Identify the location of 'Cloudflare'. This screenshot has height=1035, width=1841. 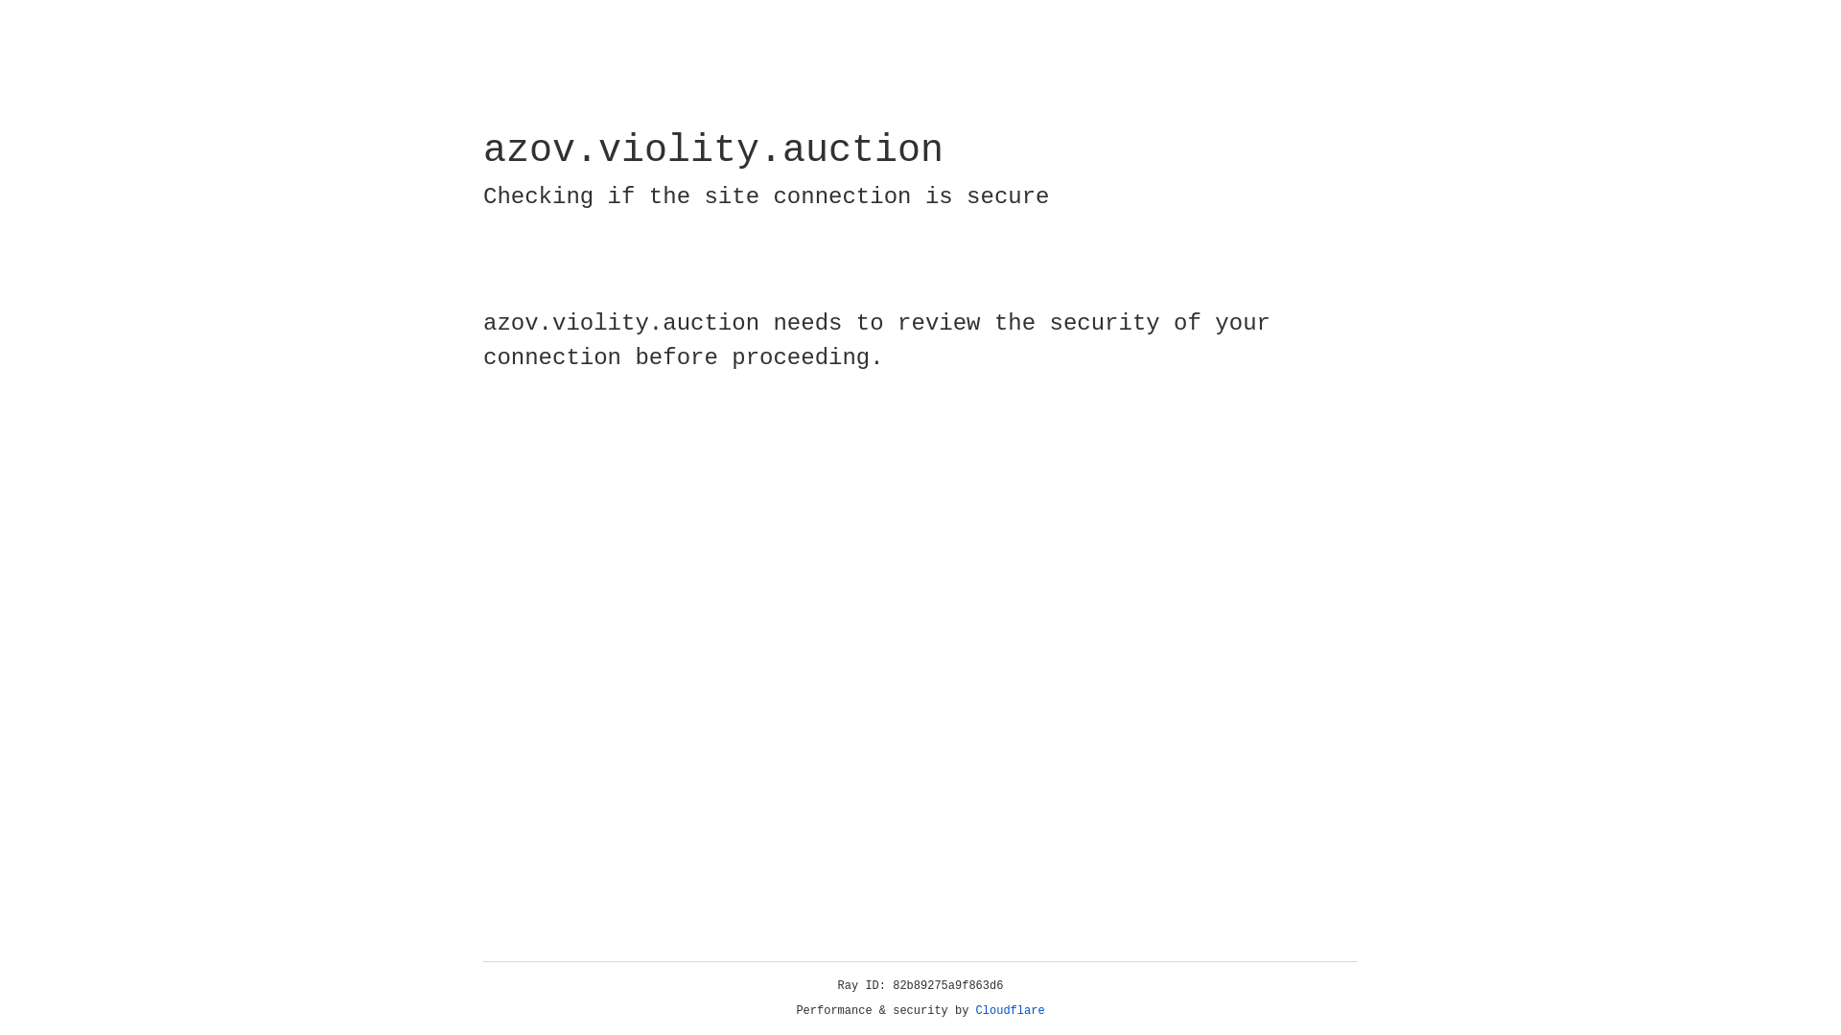
(1010, 1010).